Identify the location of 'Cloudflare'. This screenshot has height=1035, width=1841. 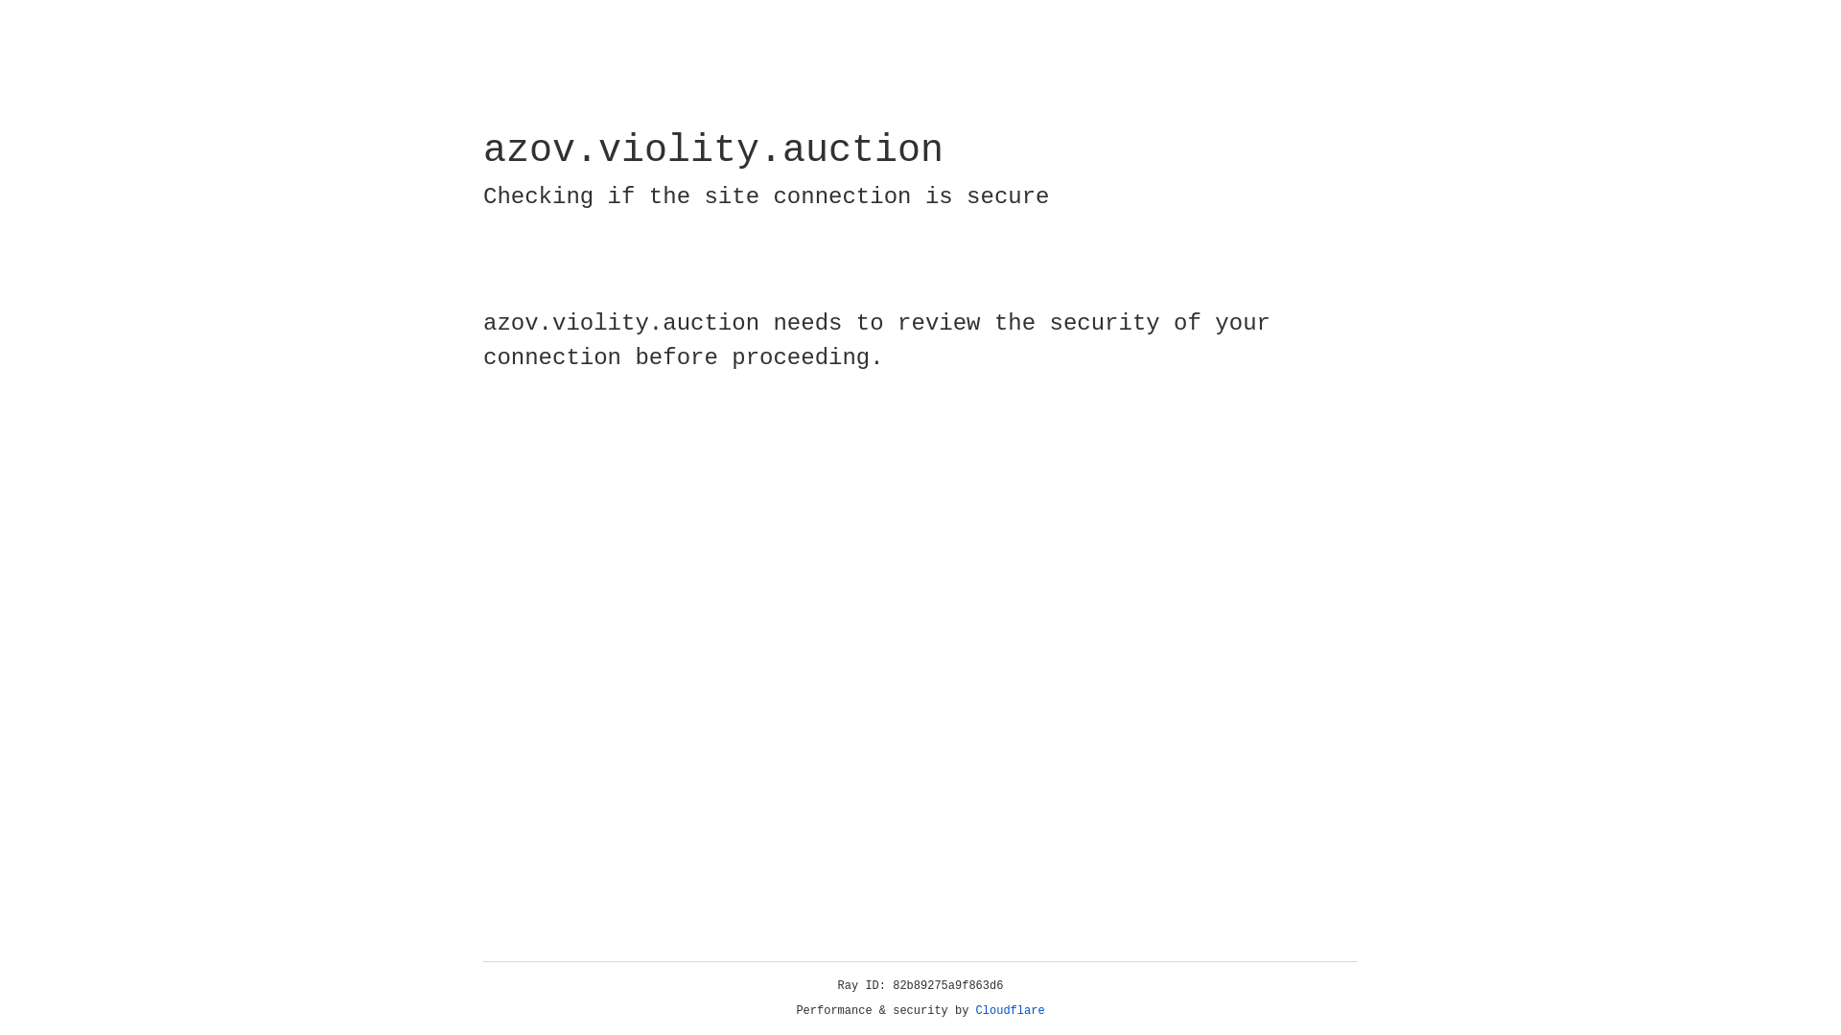
(1010, 1010).